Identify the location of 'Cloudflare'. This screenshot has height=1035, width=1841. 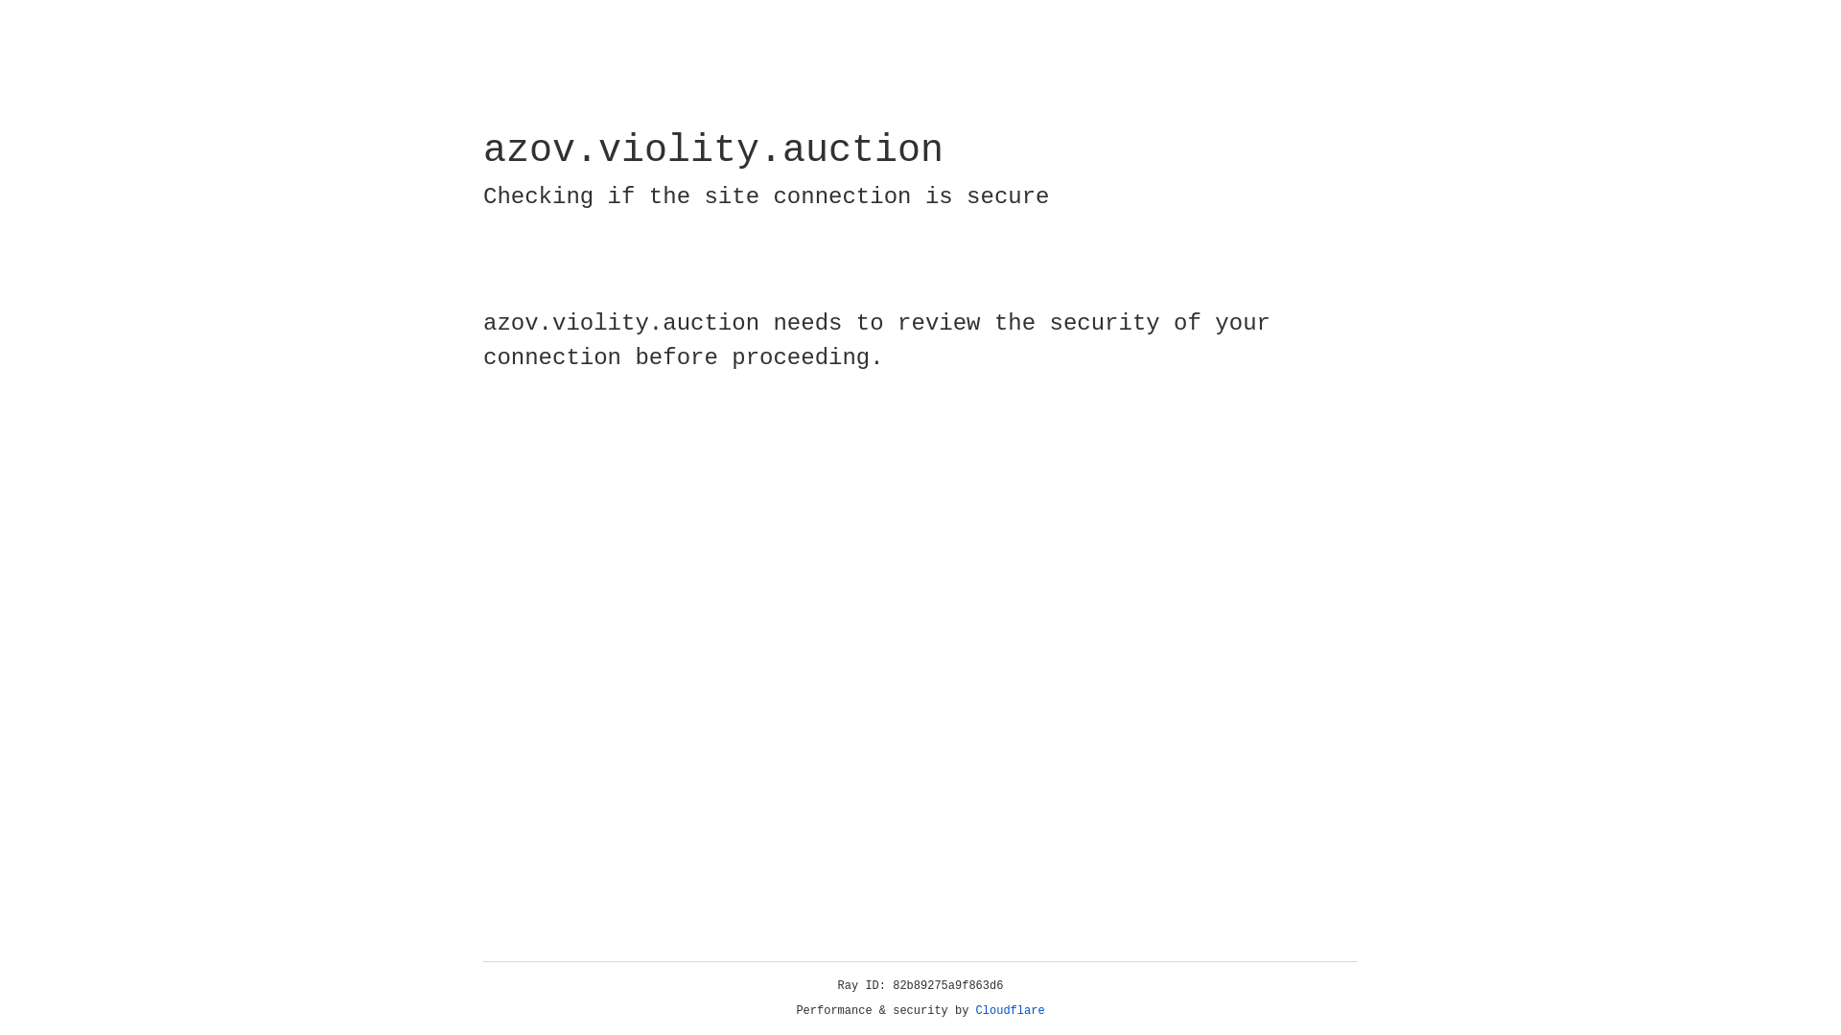
(1010, 1010).